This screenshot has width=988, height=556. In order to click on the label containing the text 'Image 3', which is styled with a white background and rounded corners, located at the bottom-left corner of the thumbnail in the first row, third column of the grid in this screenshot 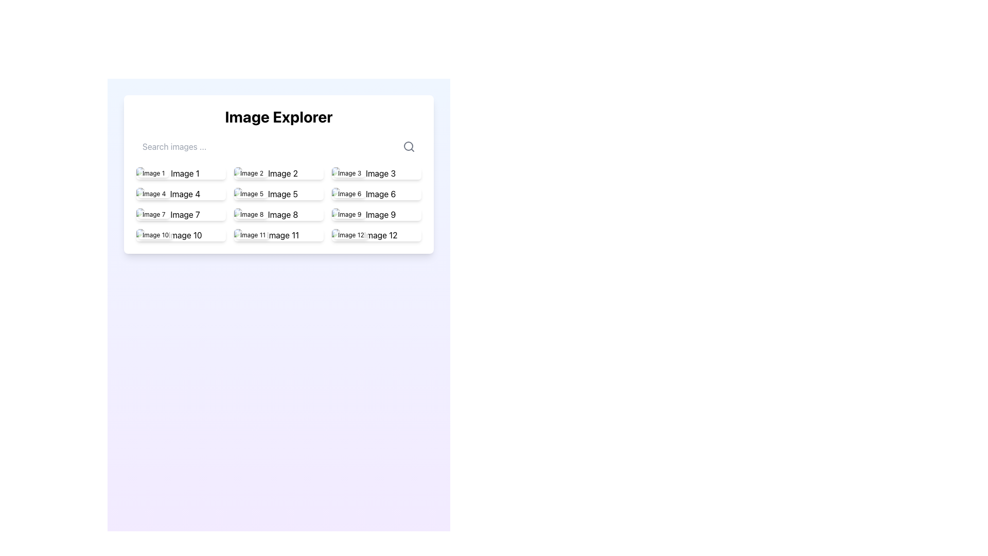, I will do `click(349, 172)`.